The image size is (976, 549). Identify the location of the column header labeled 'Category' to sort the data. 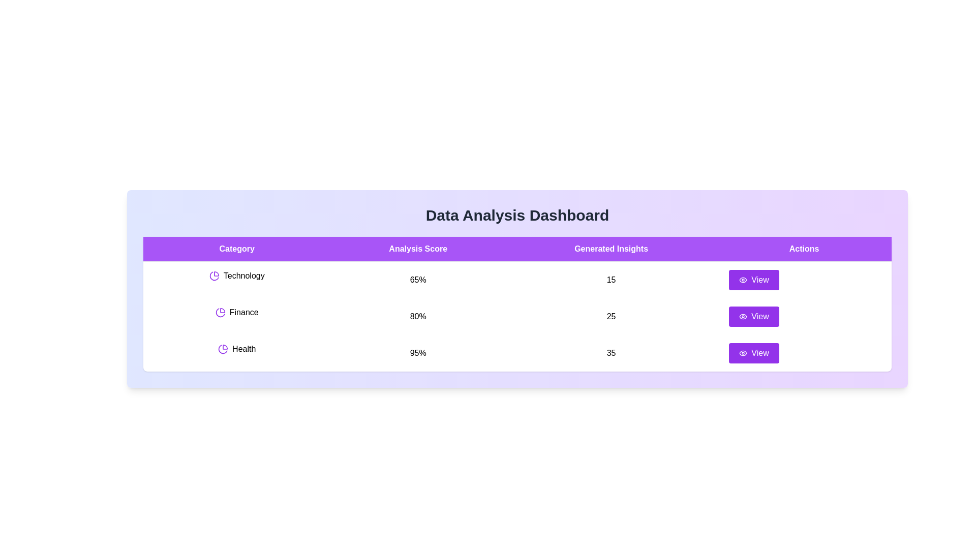
(236, 249).